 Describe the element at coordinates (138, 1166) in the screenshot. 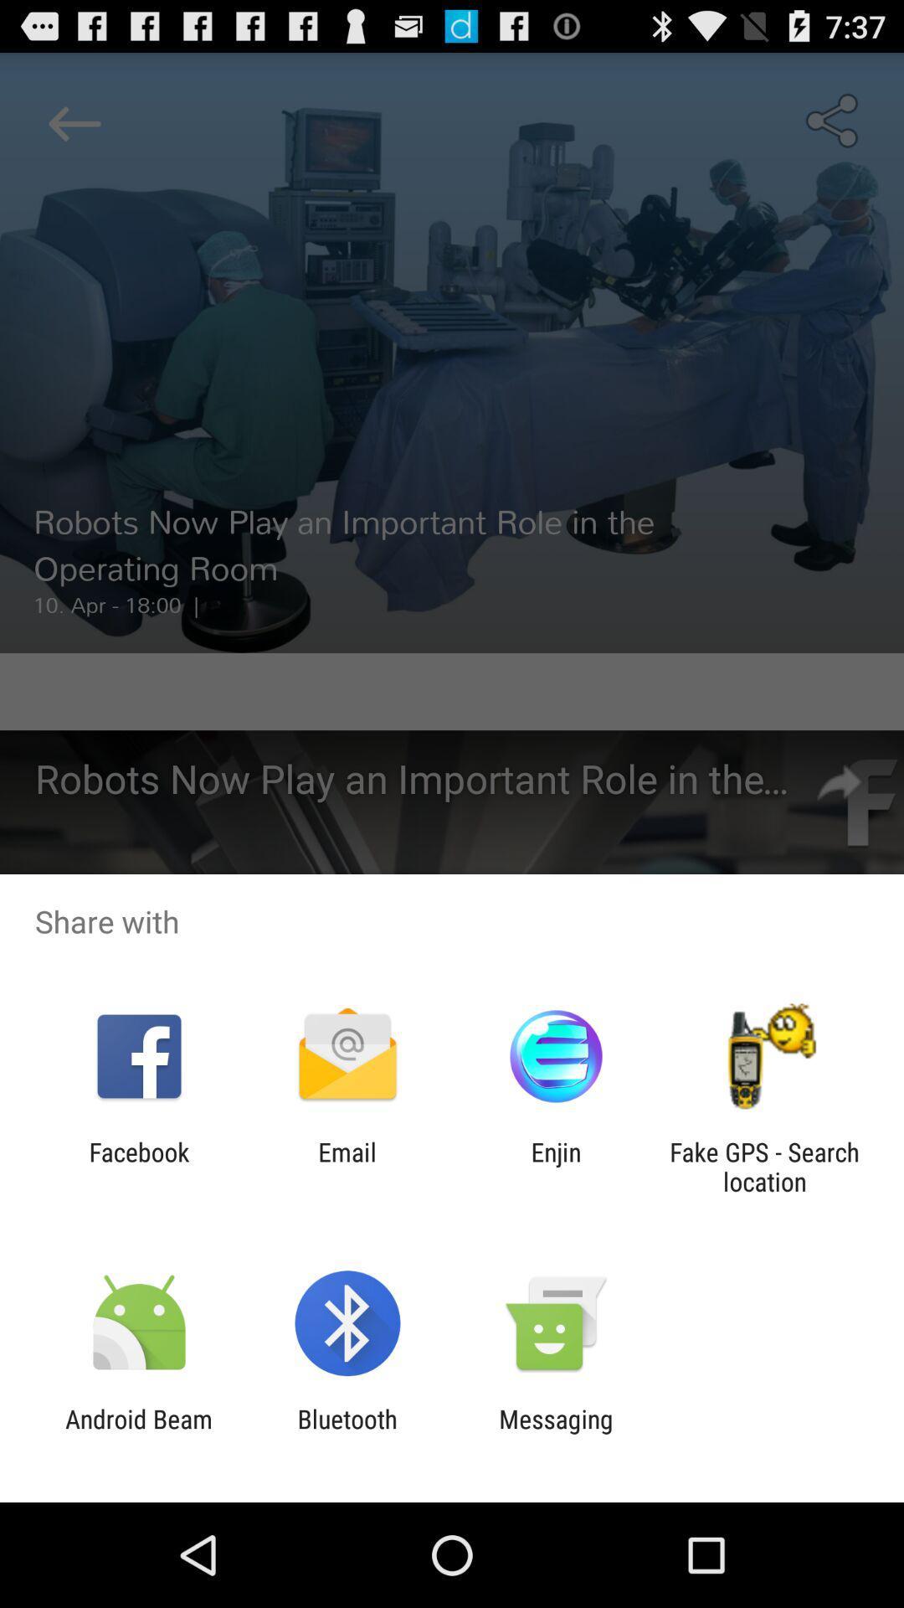

I see `facebook` at that location.